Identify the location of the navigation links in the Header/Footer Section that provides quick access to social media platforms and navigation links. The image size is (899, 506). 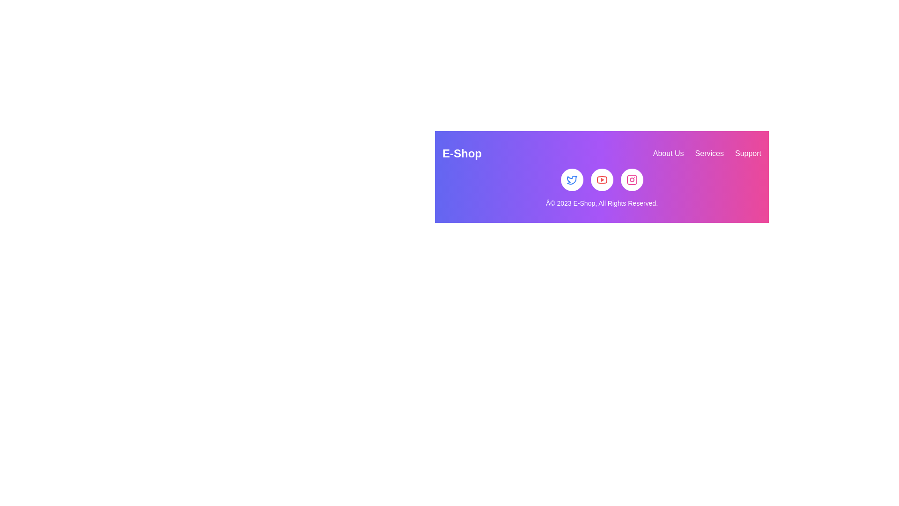
(602, 177).